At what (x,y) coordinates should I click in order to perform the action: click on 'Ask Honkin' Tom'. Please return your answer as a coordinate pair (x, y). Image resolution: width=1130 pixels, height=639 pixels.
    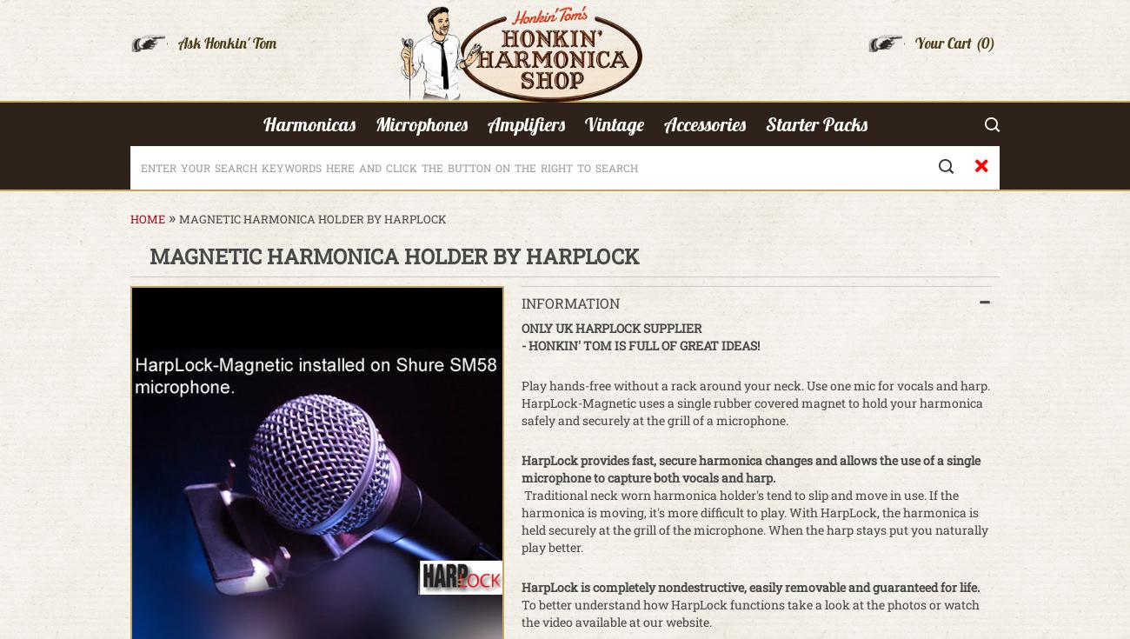
    Looking at the image, I should click on (226, 42).